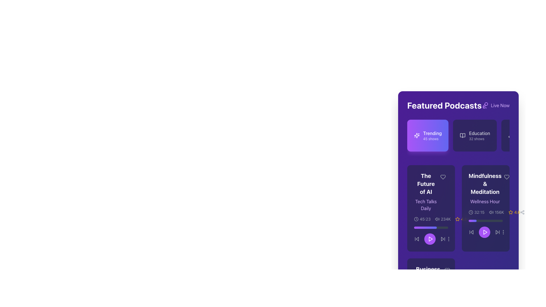 The height and width of the screenshot is (307, 546). I want to click on the 'Featured Podcasts' text label element to highlight the text, so click(444, 105).